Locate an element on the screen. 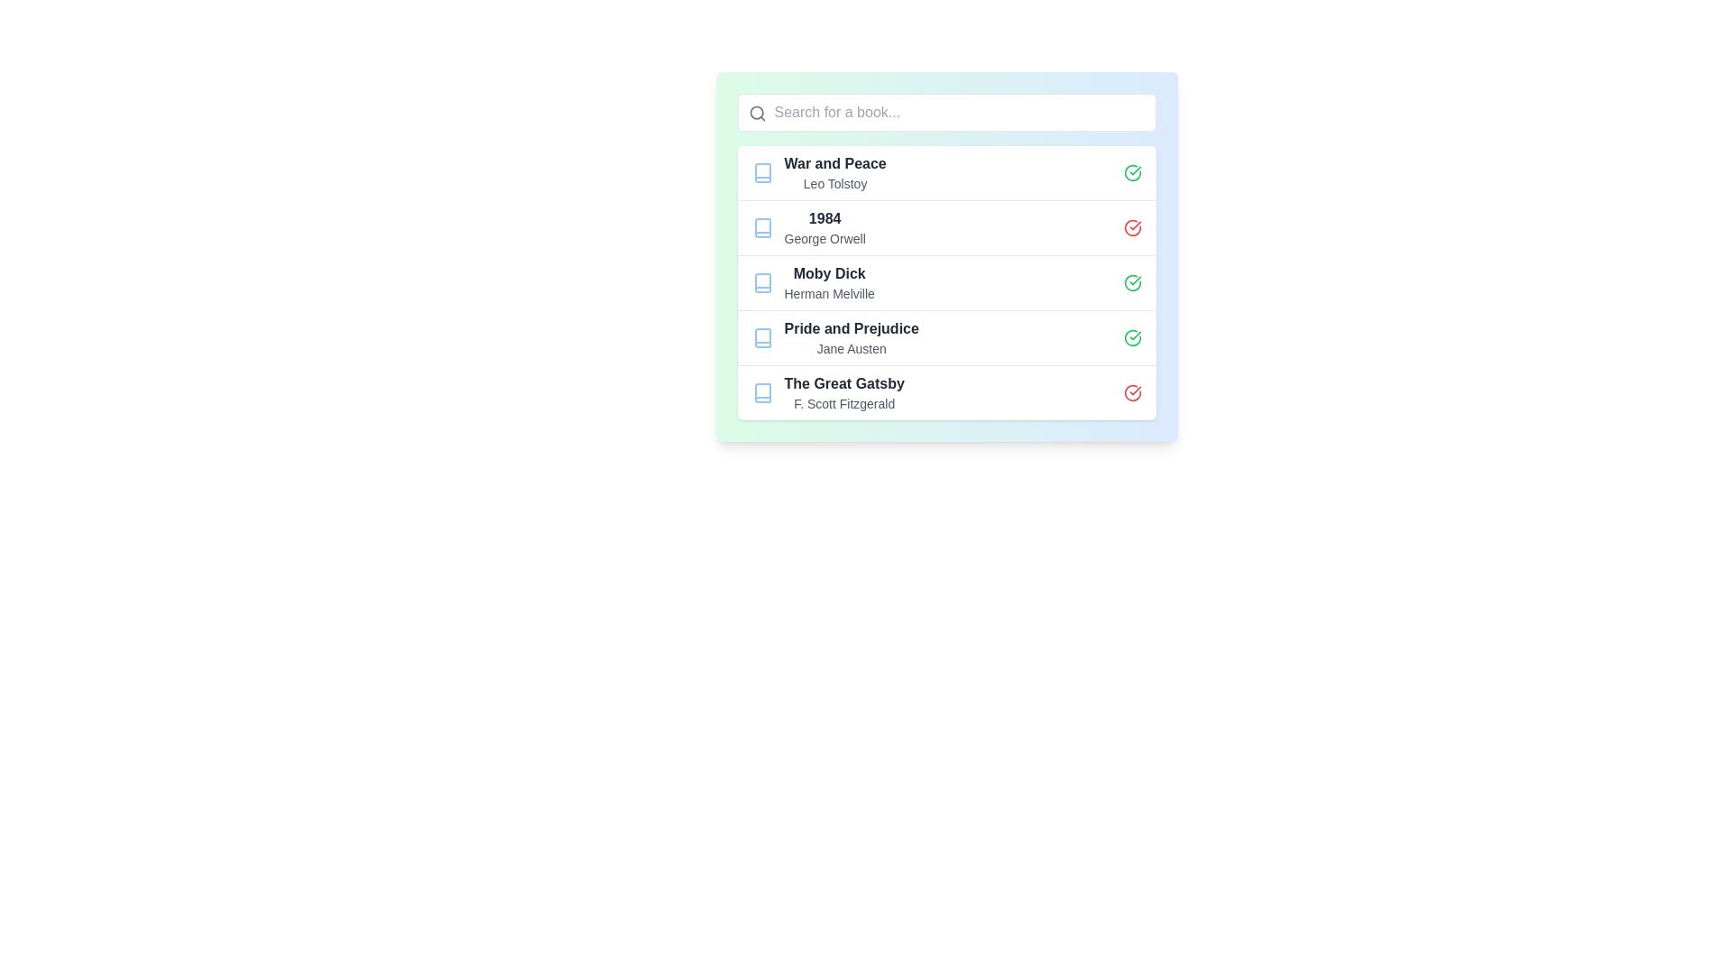 The height and width of the screenshot is (974, 1732). the list item representing the book record with its title and author, located centrally below the search bar and at the third position in the list is located at coordinates (945, 257).